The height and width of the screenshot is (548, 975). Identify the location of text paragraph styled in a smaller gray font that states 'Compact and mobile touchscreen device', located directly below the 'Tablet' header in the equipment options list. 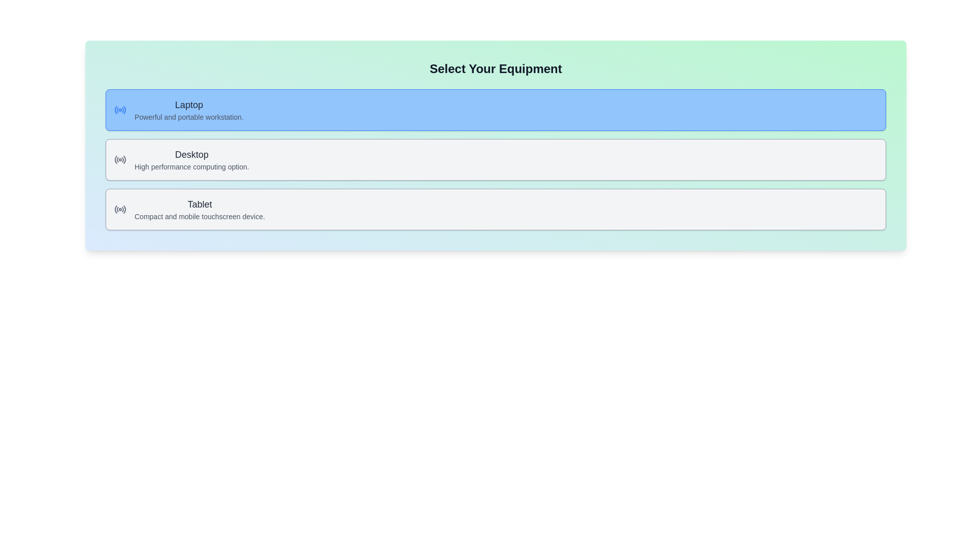
(200, 216).